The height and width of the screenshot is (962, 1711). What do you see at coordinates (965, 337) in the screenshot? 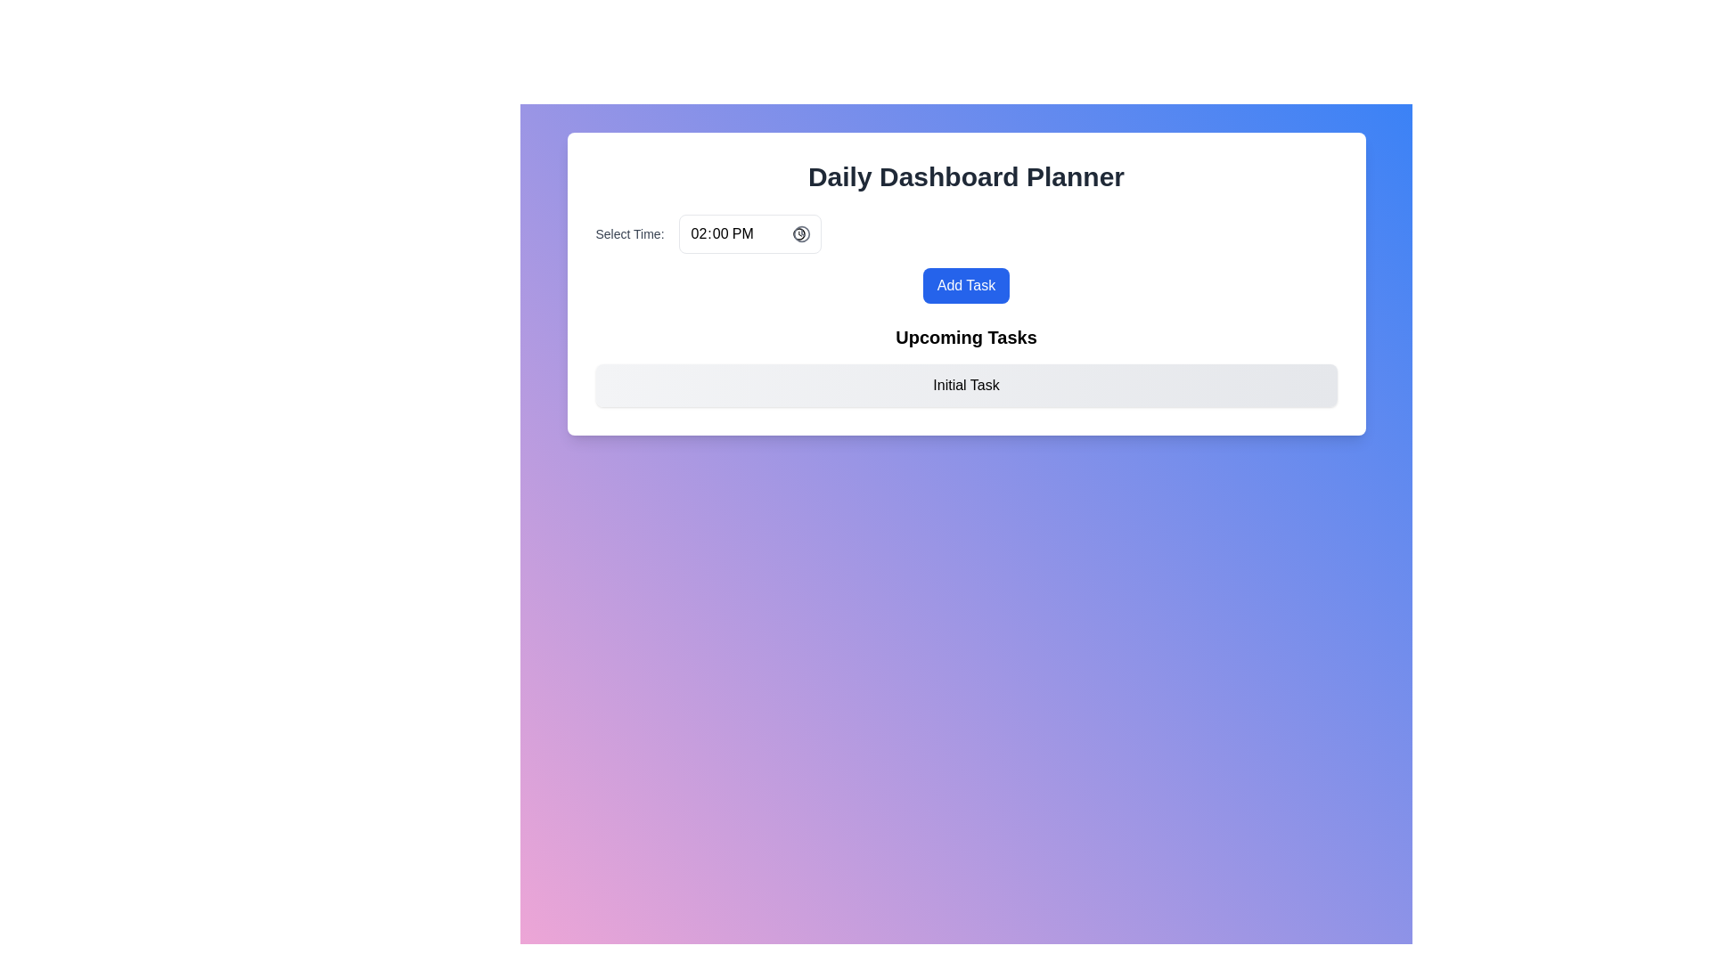
I see `the text label that displays 'Upcoming Tasks', which is styled in bold black font and serves as a heading for the tasks section` at bounding box center [965, 337].